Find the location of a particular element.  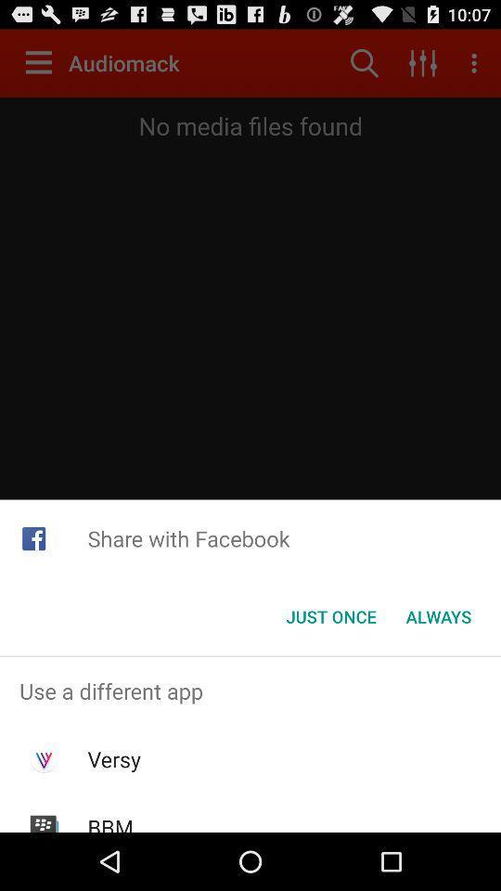

icon below the share with facebook item is located at coordinates (438, 616).